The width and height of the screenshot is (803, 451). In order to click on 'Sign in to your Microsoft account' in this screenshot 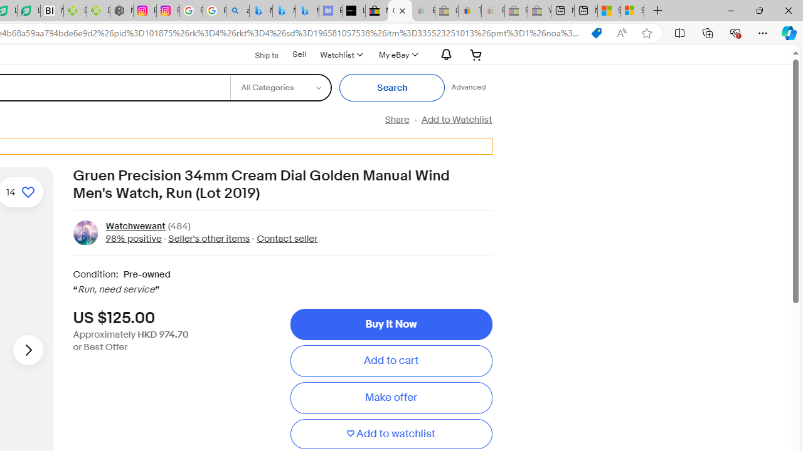, I will do `click(632, 11)`.